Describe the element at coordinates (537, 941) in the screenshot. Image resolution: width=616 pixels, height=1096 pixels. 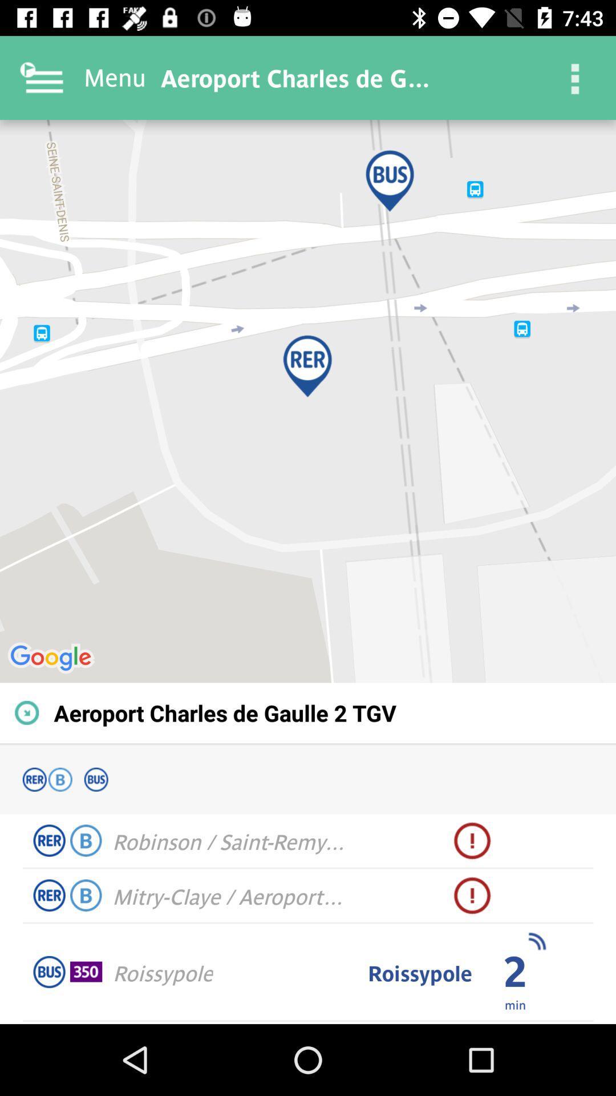
I see `icon next to the 2` at that location.